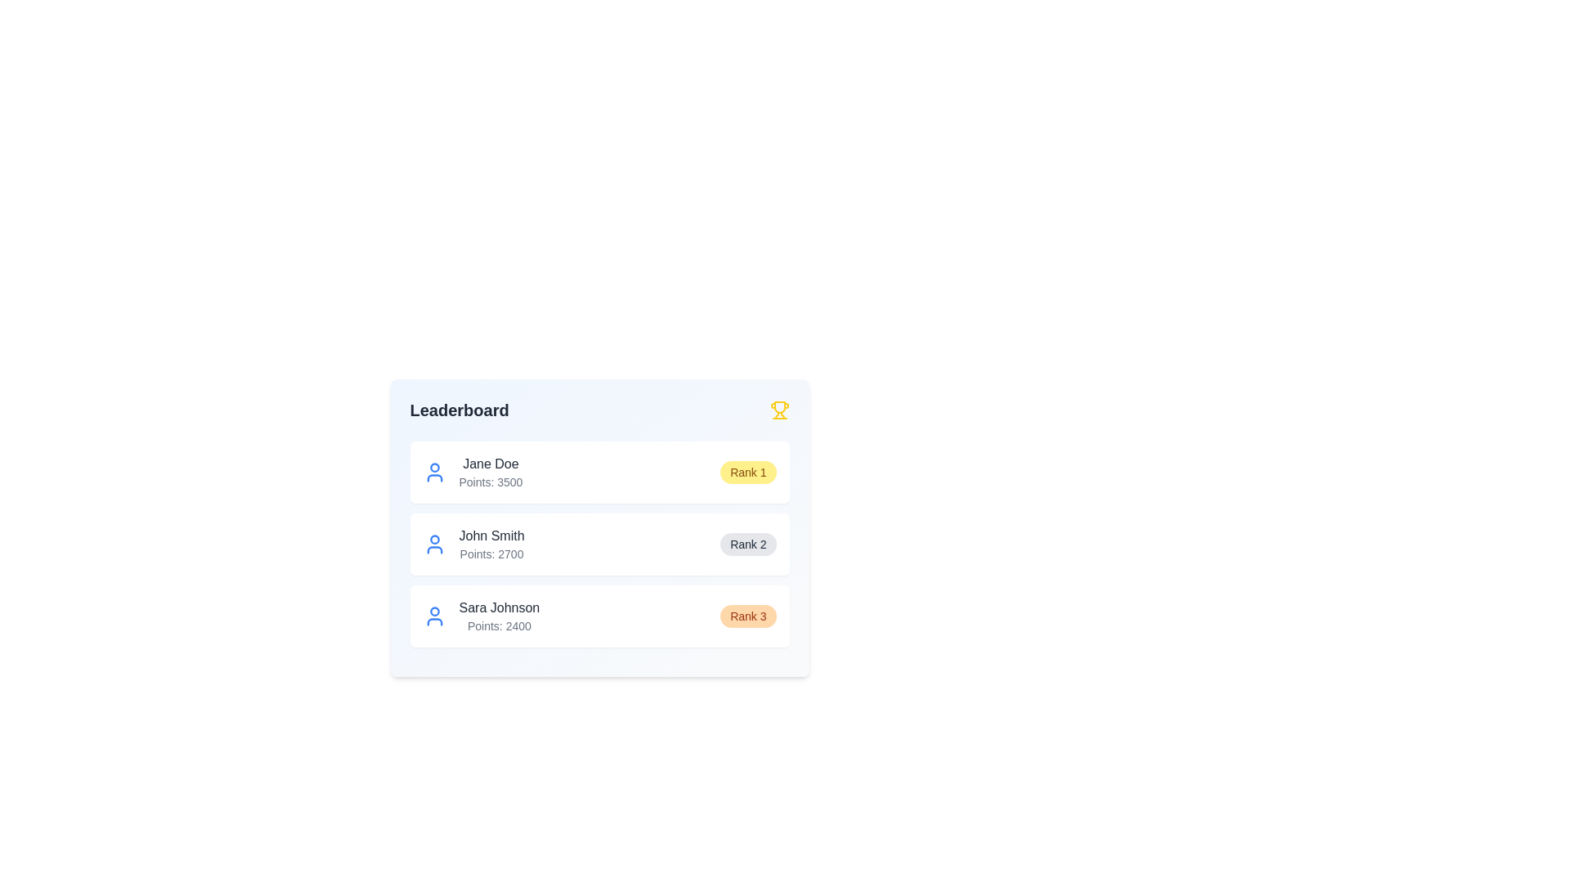  What do you see at coordinates (434, 612) in the screenshot?
I see `the circular graphic element with a blue outline, which is centrally positioned within the user icon graphic representing user-related data` at bounding box center [434, 612].